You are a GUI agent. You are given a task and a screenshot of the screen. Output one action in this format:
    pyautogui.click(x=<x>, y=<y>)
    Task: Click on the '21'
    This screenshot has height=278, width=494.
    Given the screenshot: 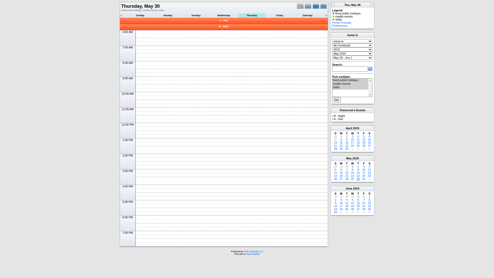 What is the action you would take?
    pyautogui.click(x=336, y=146)
    